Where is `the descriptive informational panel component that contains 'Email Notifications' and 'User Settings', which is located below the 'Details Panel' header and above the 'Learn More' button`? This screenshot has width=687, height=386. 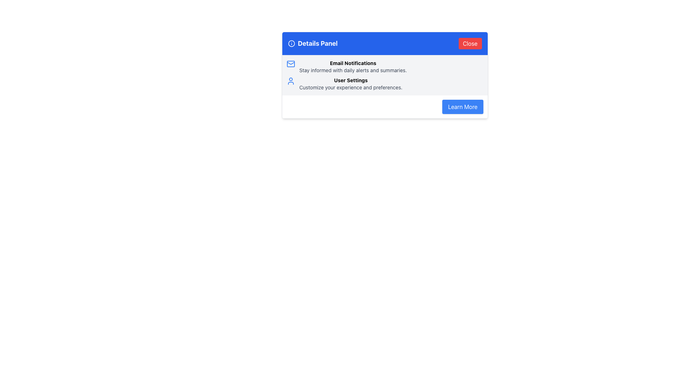 the descriptive informational panel component that contains 'Email Notifications' and 'User Settings', which is located below the 'Details Panel' header and above the 'Learn More' button is located at coordinates (384, 75).